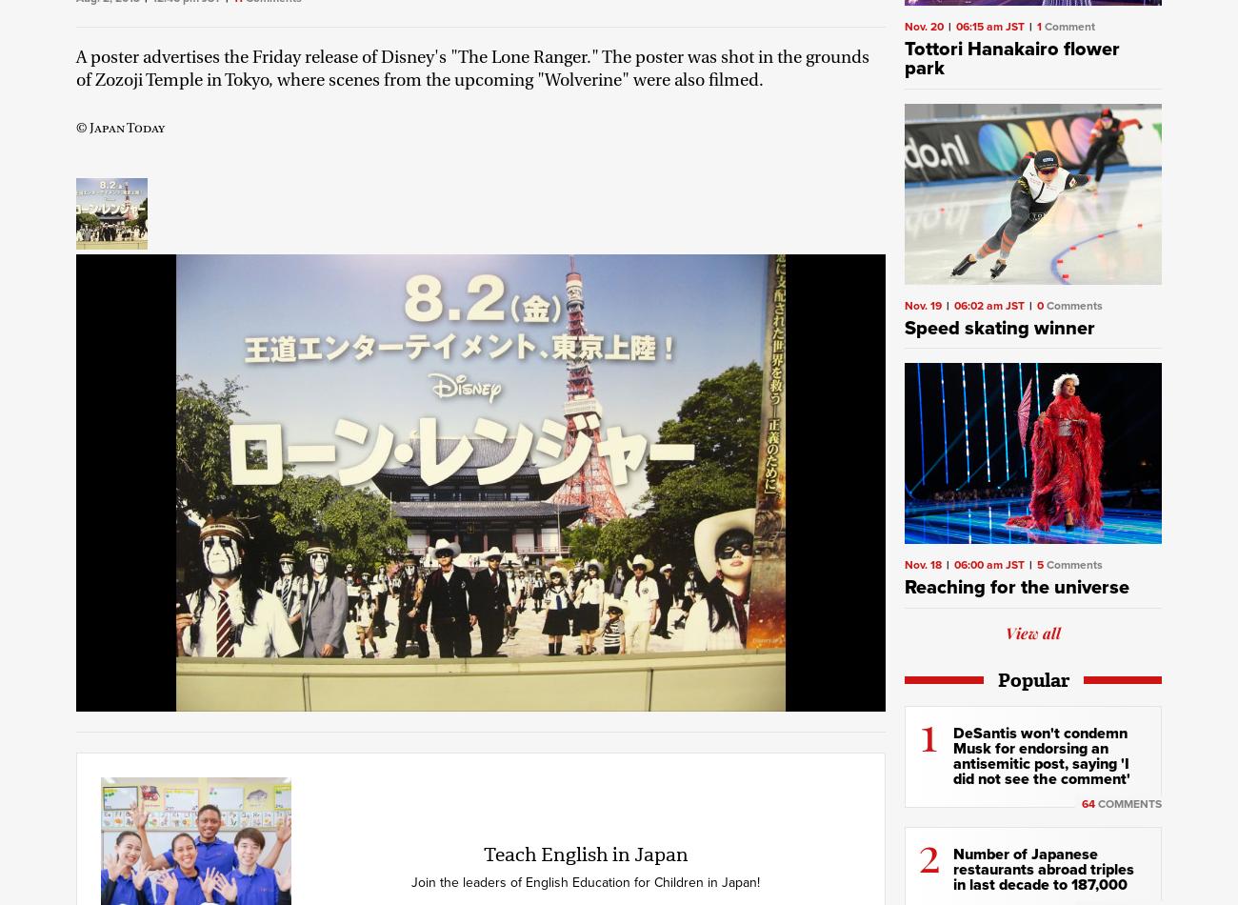 The height and width of the screenshot is (905, 1238). Describe the element at coordinates (988, 564) in the screenshot. I see `'06:00 am JST'` at that location.